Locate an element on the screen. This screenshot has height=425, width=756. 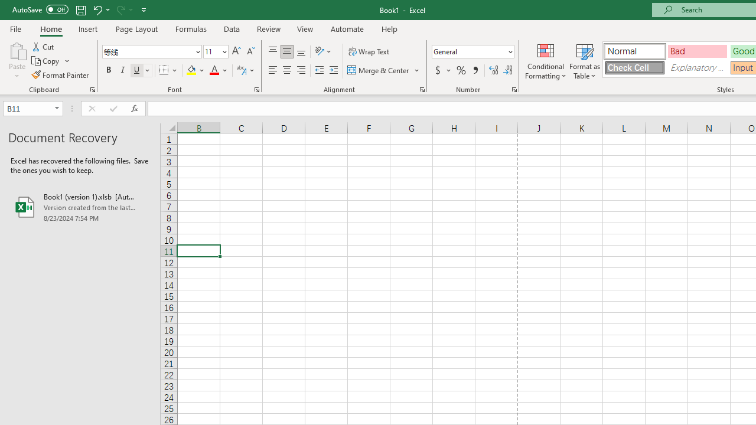
'Number Format' is located at coordinates (468, 51).